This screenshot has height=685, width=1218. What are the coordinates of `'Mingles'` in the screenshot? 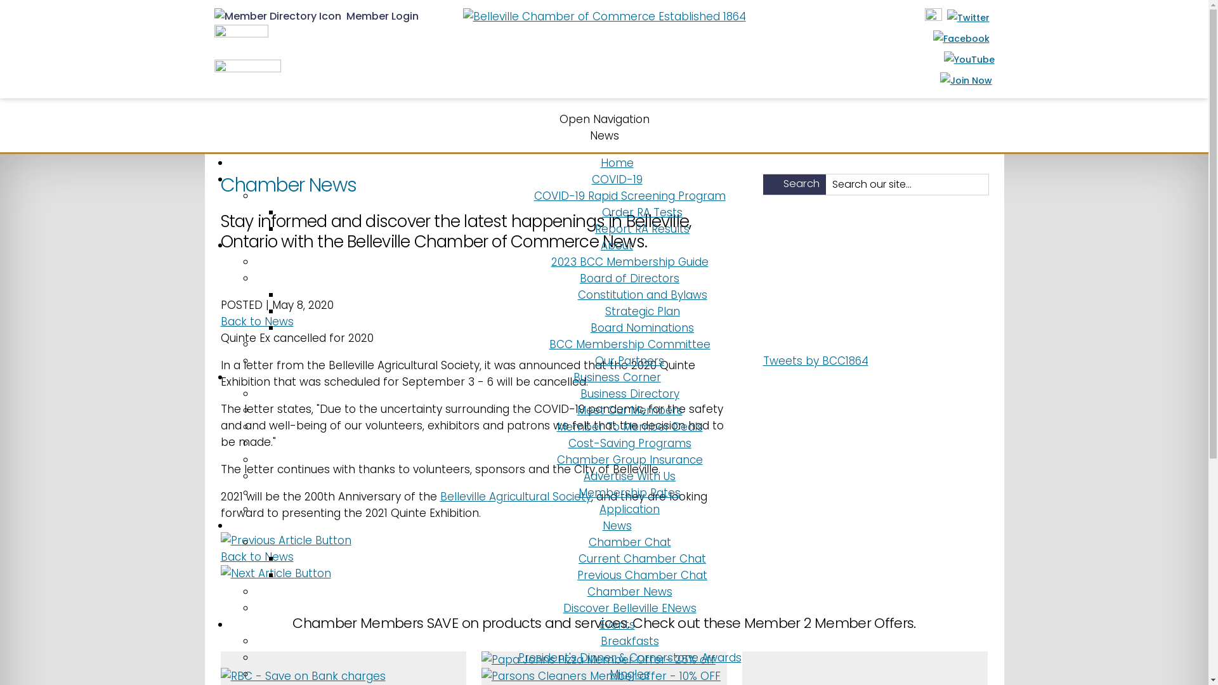 It's located at (629, 674).